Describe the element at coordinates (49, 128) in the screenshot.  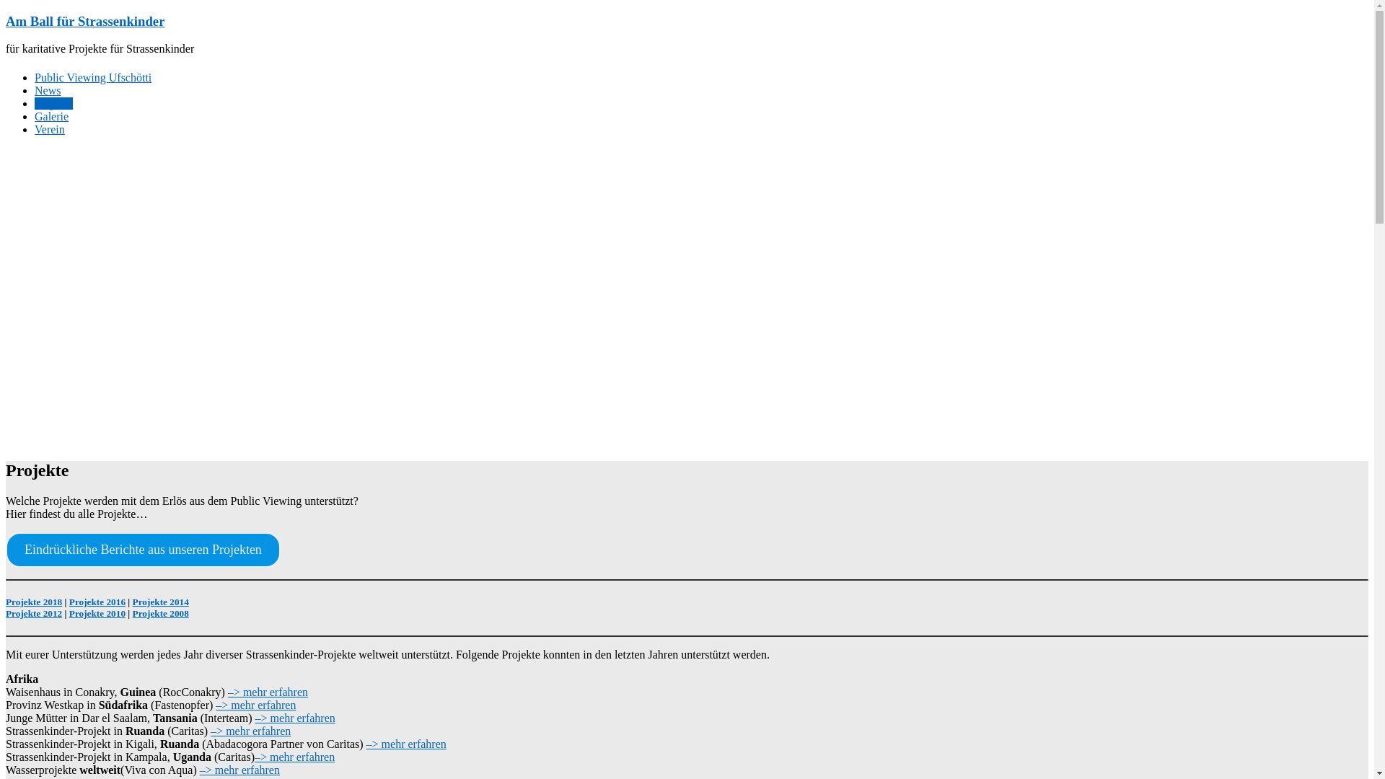
I see `'Verein'` at that location.